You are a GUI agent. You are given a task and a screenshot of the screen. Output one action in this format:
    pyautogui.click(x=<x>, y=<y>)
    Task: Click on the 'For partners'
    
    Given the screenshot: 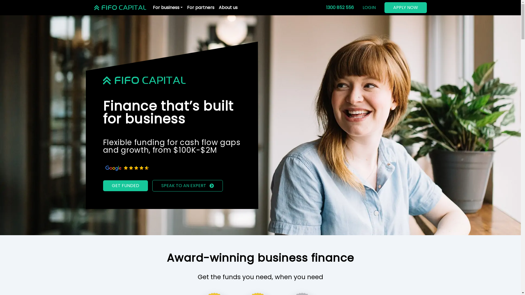 What is the action you would take?
    pyautogui.click(x=200, y=7)
    